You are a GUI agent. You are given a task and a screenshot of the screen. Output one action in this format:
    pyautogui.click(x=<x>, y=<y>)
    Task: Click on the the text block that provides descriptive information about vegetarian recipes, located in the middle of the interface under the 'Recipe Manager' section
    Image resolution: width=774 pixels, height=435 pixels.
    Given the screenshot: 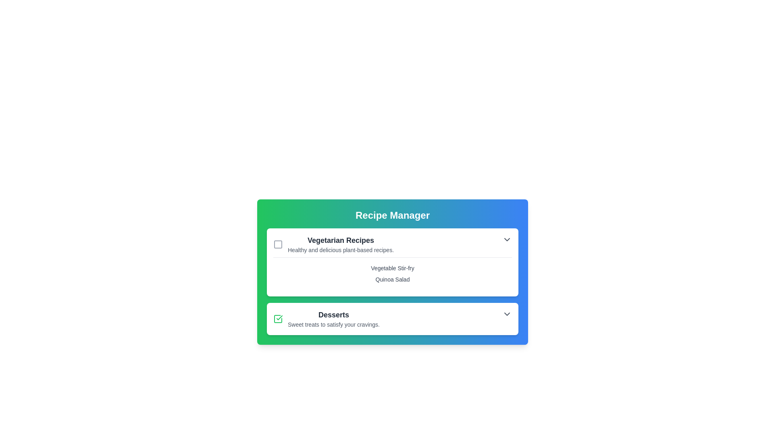 What is the action you would take?
    pyautogui.click(x=341, y=244)
    